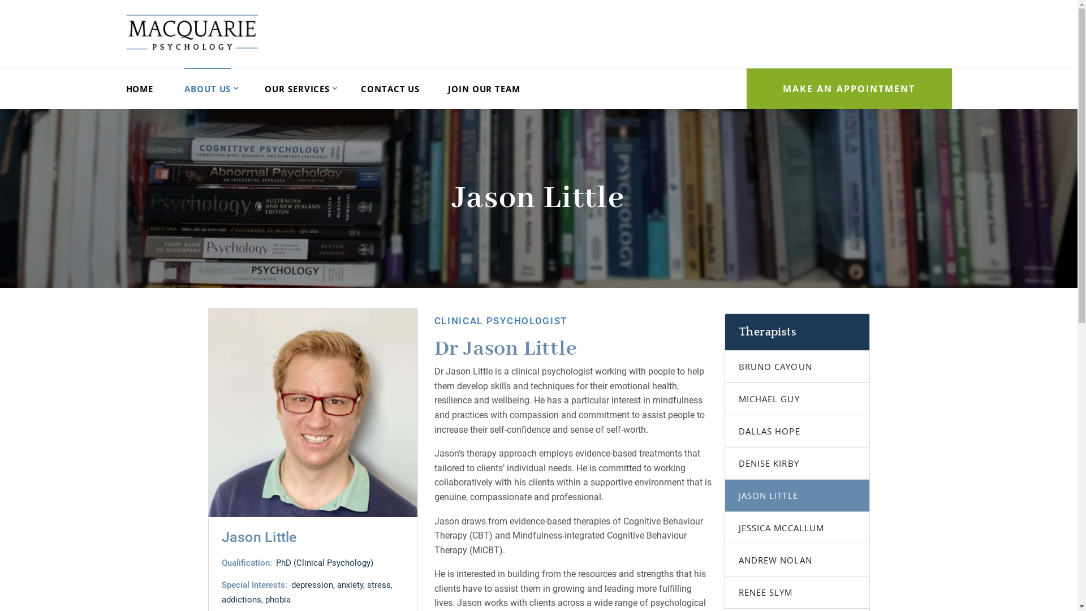 This screenshot has height=611, width=1086. Describe the element at coordinates (796, 560) in the screenshot. I see `'ANDREW NOLAN'` at that location.